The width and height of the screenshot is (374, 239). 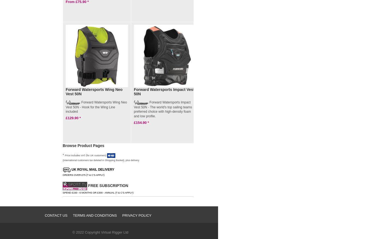 What do you see at coordinates (206, 118) in the screenshot?
I see `'From'` at bounding box center [206, 118].